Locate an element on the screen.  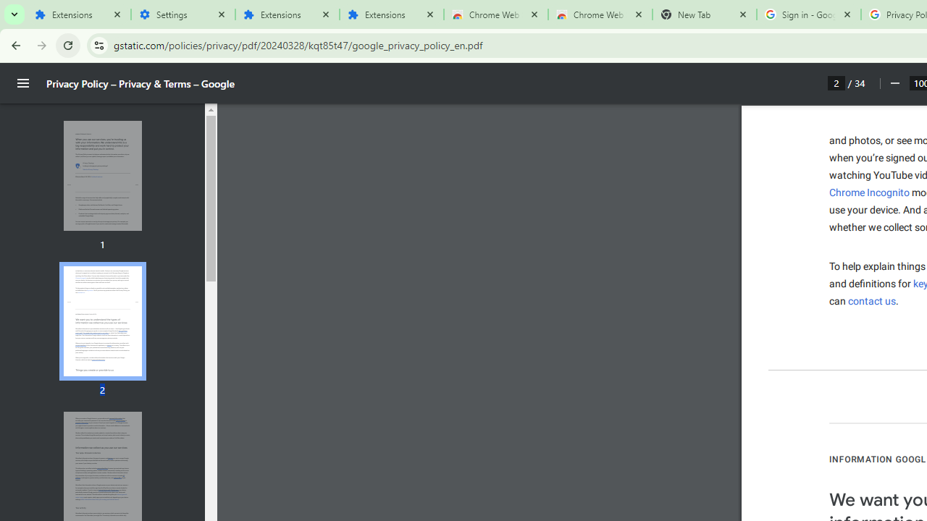
'New Tab' is located at coordinates (704, 14).